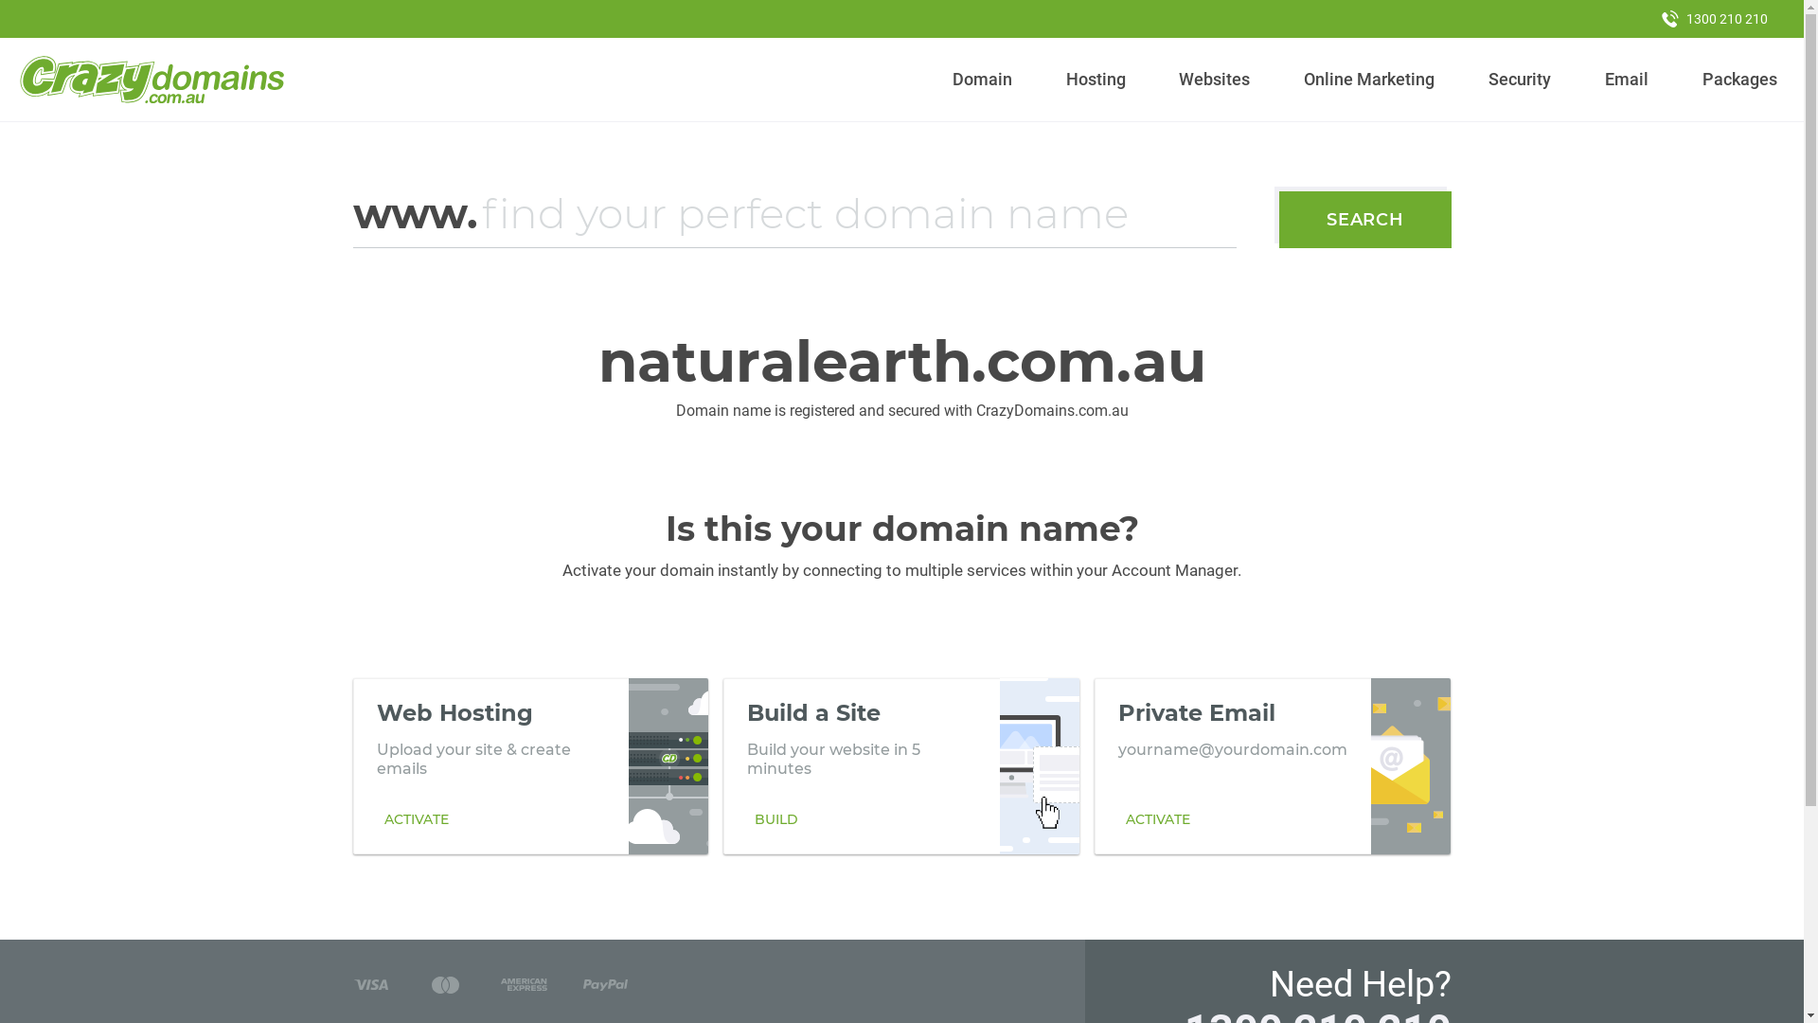  I want to click on 'Private Email, so click(1273, 765).